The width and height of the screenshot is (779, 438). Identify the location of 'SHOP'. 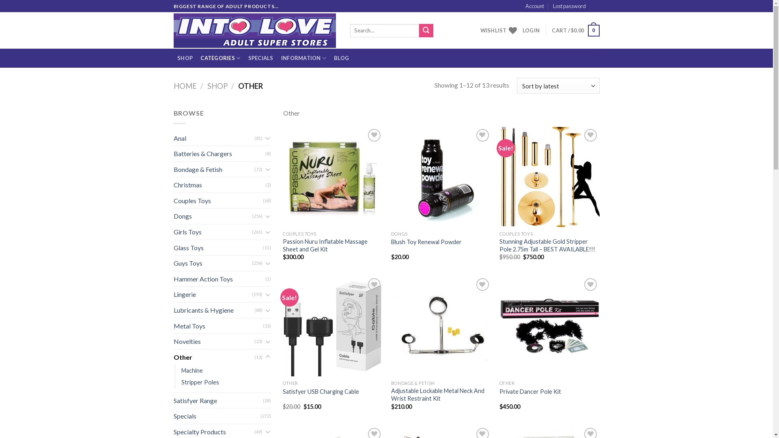
(185, 58).